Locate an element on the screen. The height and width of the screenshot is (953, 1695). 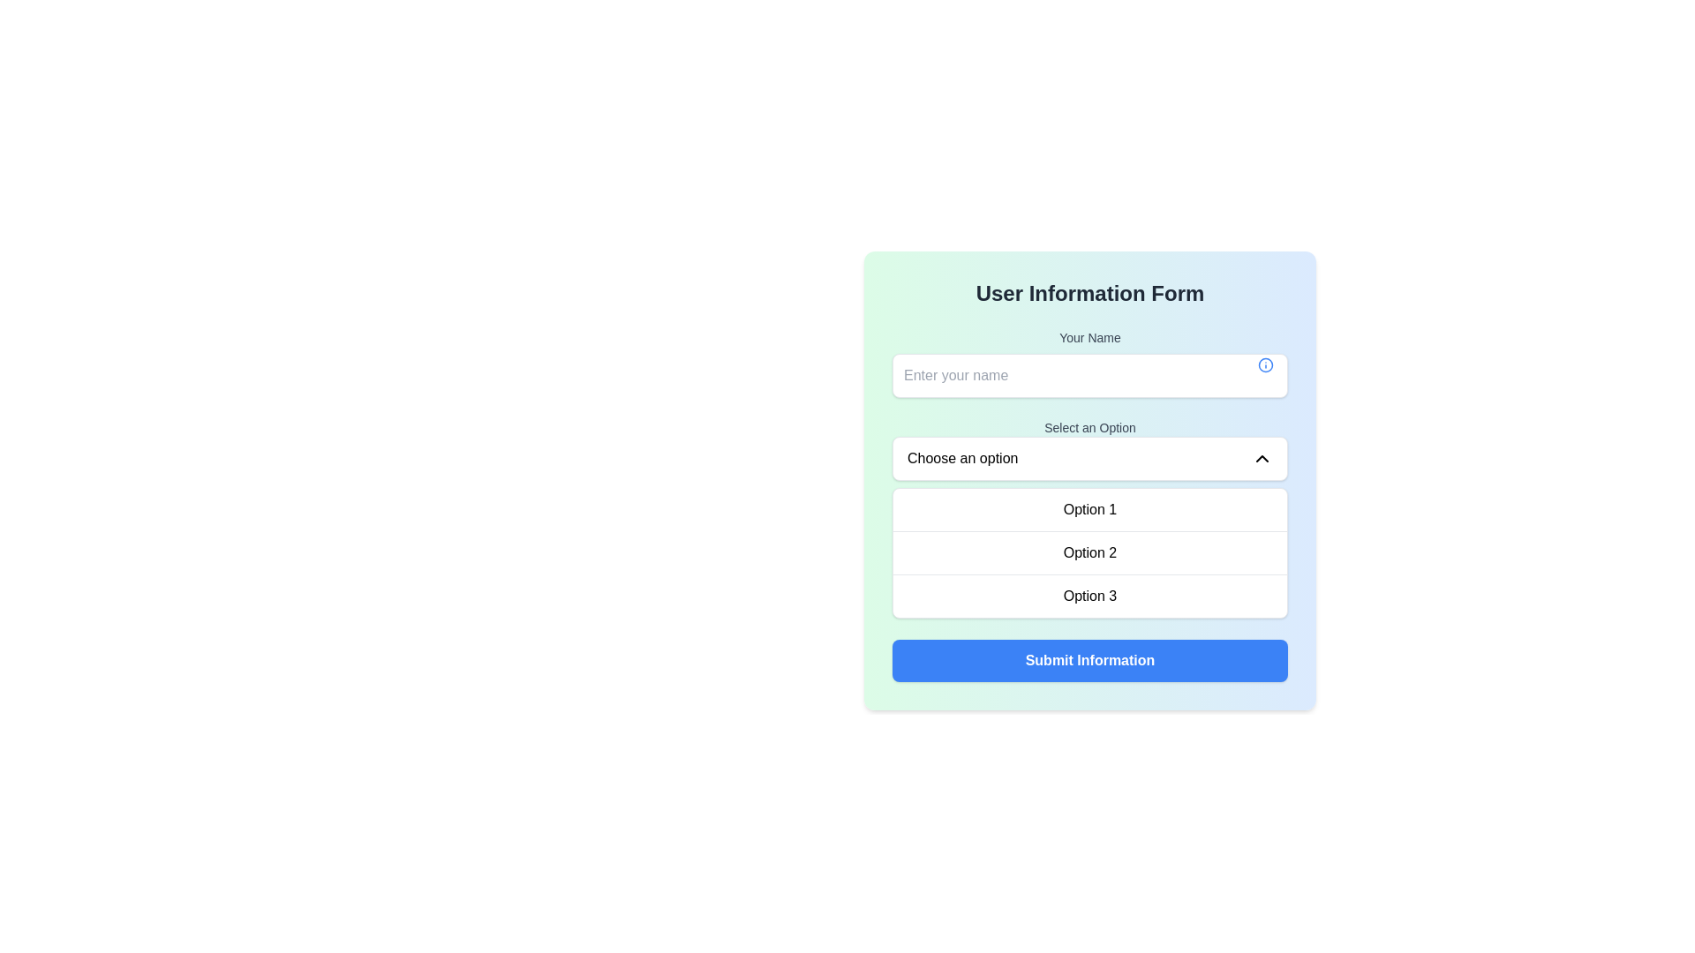
the label indicating the purpose of the dropdown menu, positioned directly above the dropdown selection area labeled 'Choose an option' is located at coordinates (1089, 428).